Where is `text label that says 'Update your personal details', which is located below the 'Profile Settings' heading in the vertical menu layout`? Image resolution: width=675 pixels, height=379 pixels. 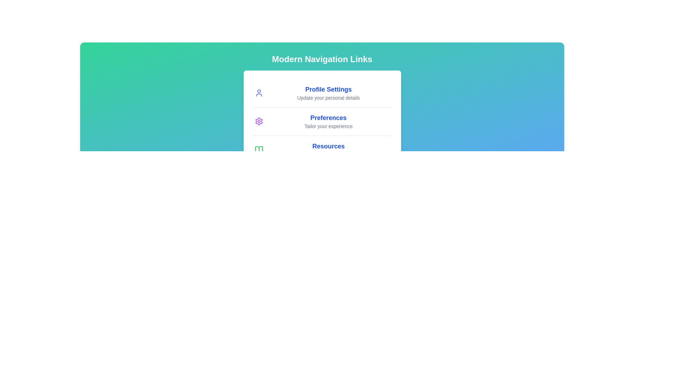 text label that says 'Update your personal details', which is located below the 'Profile Settings' heading in the vertical menu layout is located at coordinates (328, 98).